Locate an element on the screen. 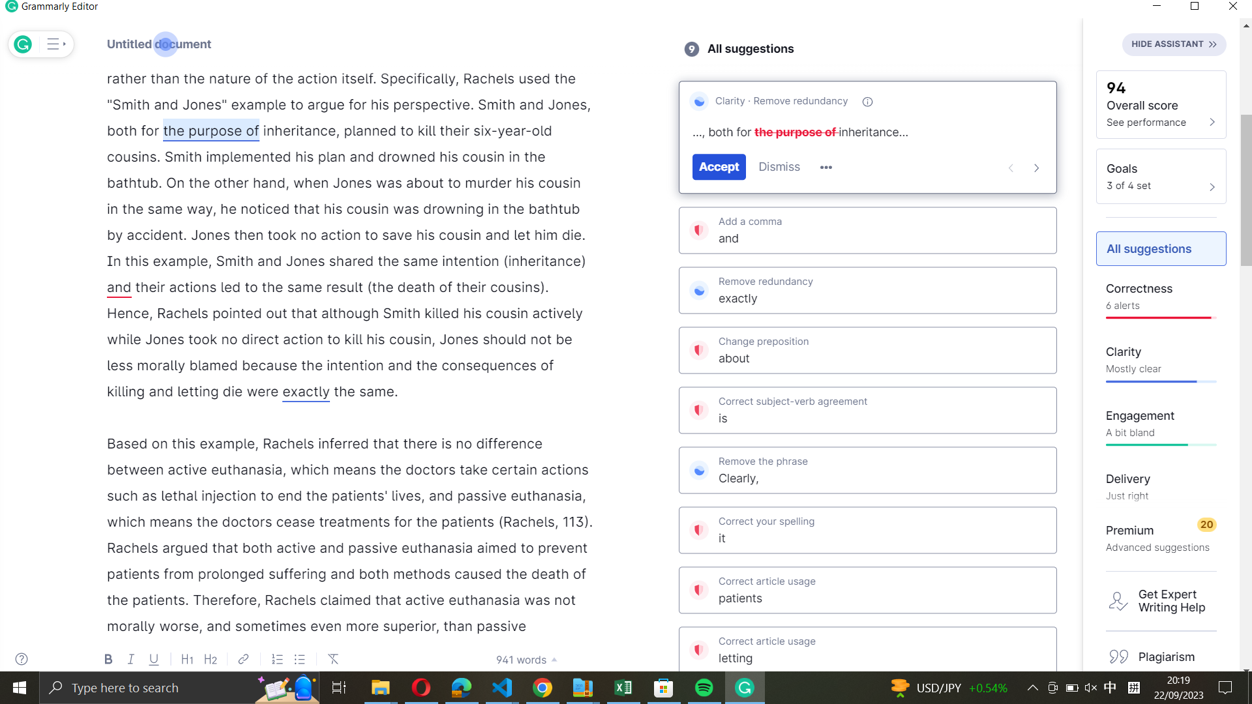  the "see_goals" feature is located at coordinates (1161, 175).